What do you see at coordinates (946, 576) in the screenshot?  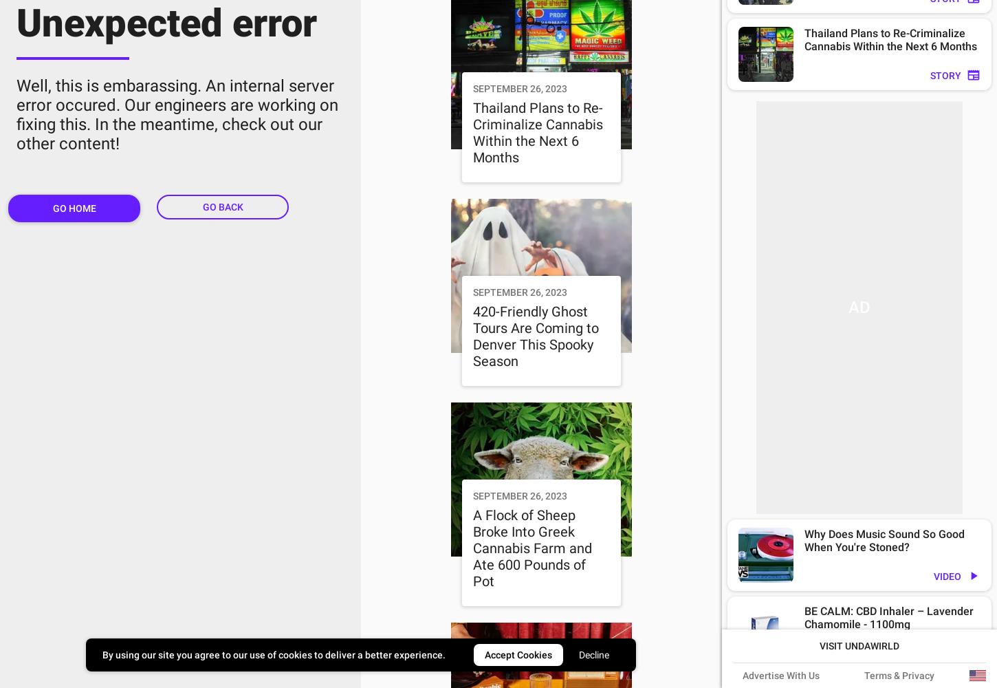 I see `'VIDEO'` at bounding box center [946, 576].